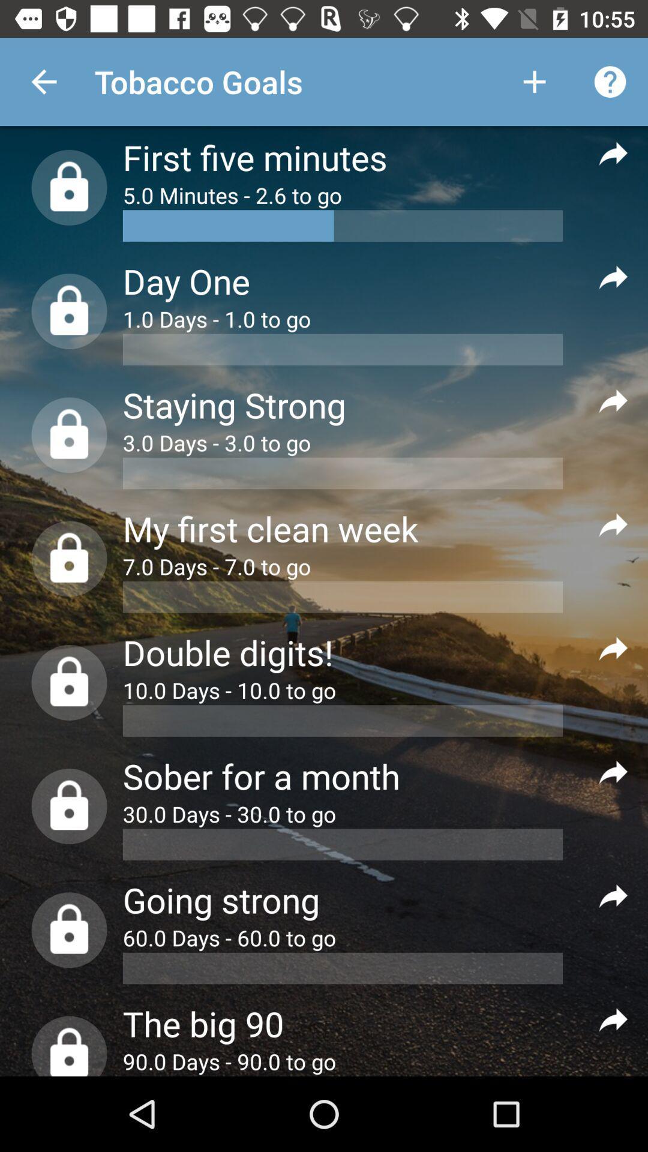 The width and height of the screenshot is (648, 1152). I want to click on option, so click(613, 152).